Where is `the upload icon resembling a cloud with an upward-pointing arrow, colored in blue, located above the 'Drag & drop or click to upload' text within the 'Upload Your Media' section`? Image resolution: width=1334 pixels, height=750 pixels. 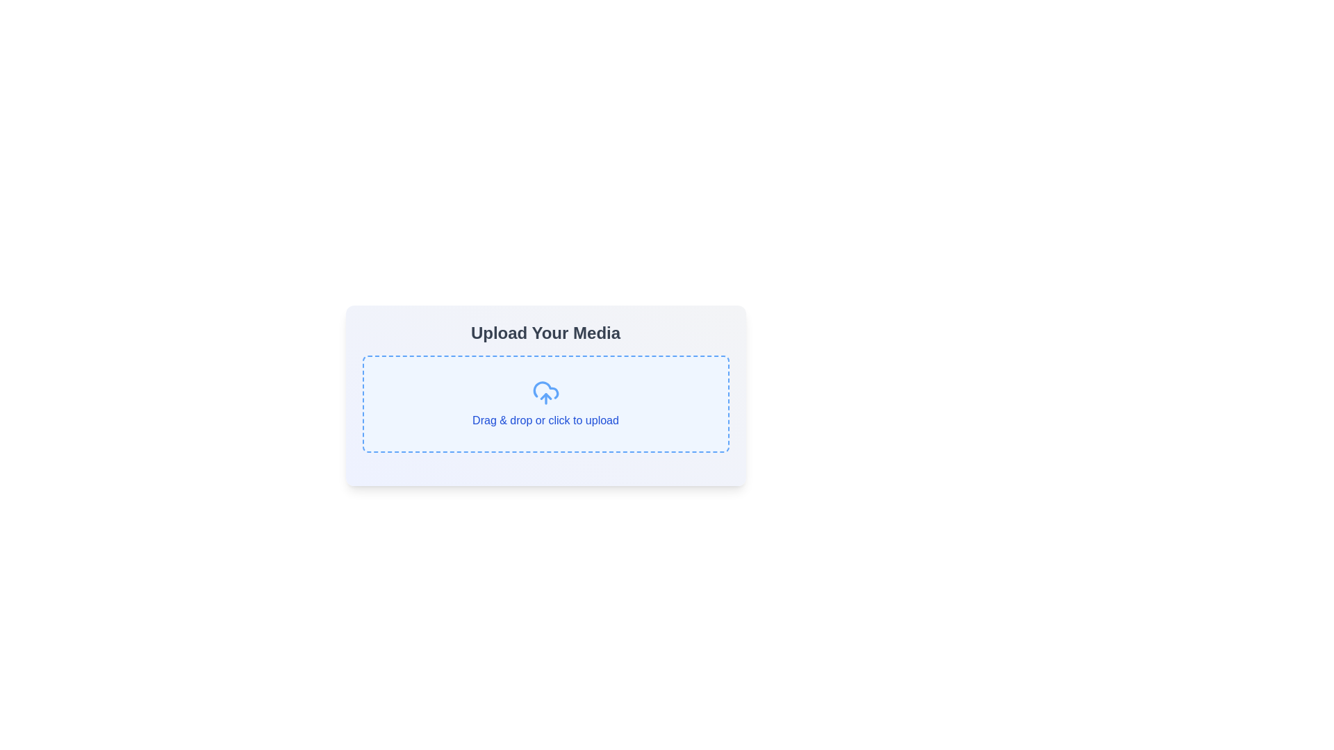 the upload icon resembling a cloud with an upward-pointing arrow, colored in blue, located above the 'Drag & drop or click to upload' text within the 'Upload Your Media' section is located at coordinates (545, 393).